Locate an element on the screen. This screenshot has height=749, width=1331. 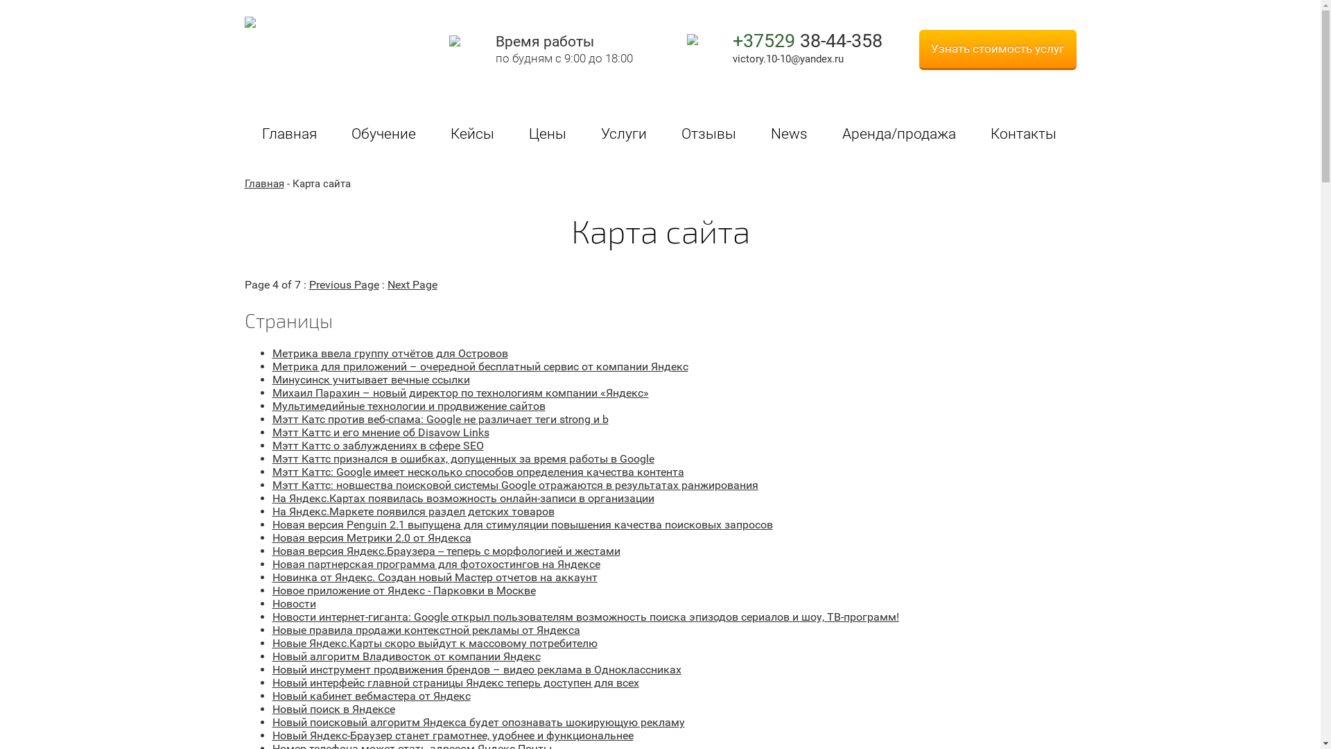
'Next Page' is located at coordinates (411, 284).